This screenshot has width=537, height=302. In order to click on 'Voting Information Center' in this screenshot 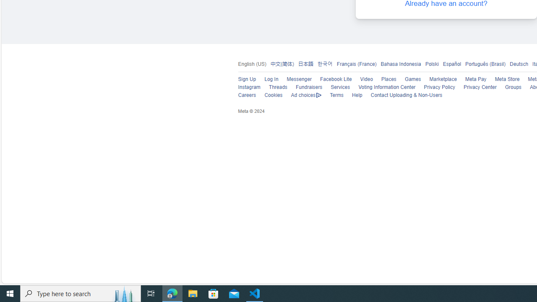, I will do `click(382, 87)`.